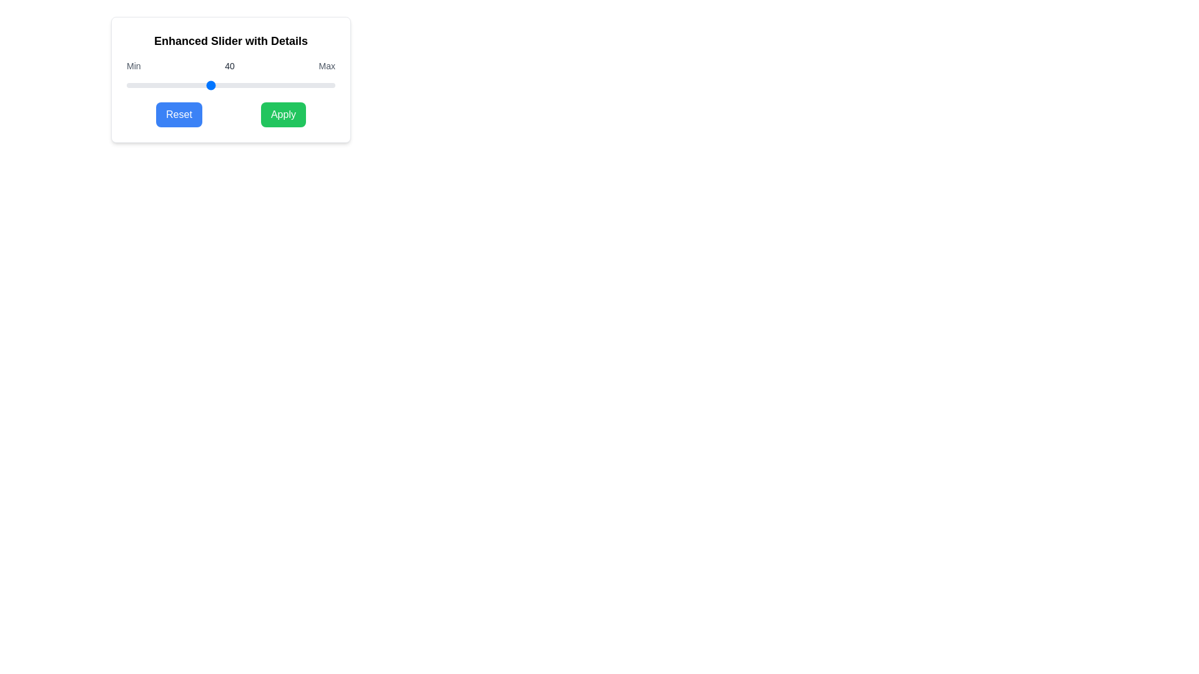  What do you see at coordinates (230, 66) in the screenshot?
I see `the label group containing the text 'Min', '40', and 'Max', which is positioned below the header 'Enhanced Slider with Details' and above the slider control` at bounding box center [230, 66].